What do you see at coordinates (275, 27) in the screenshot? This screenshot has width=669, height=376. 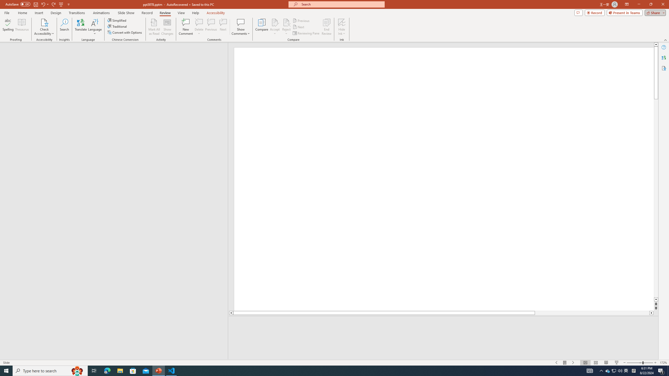 I see `'Accept'` at bounding box center [275, 27].